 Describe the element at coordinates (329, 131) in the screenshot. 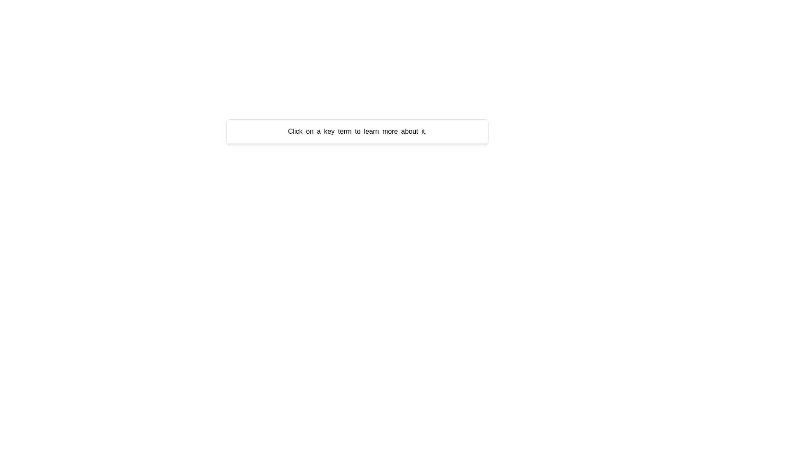

I see `the text element containing the word 'key', which is styled with padding and a hover effect that changes its background color to yellow, located in a bordered and shadowed panel` at that location.